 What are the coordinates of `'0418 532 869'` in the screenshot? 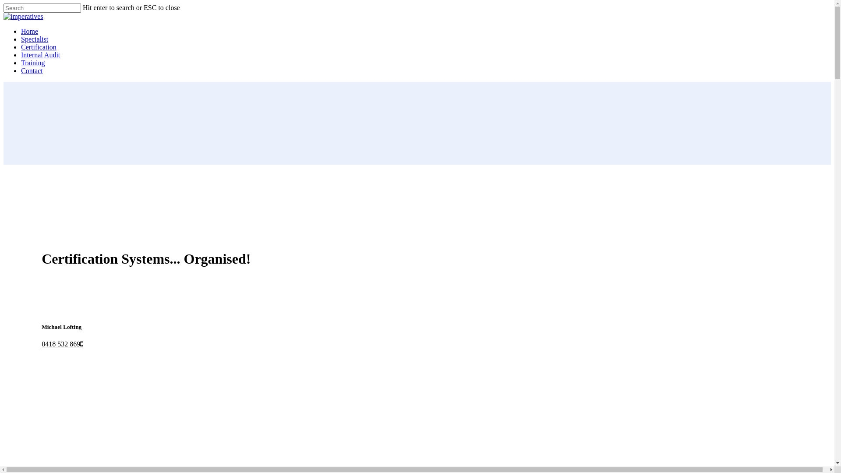 It's located at (62, 343).